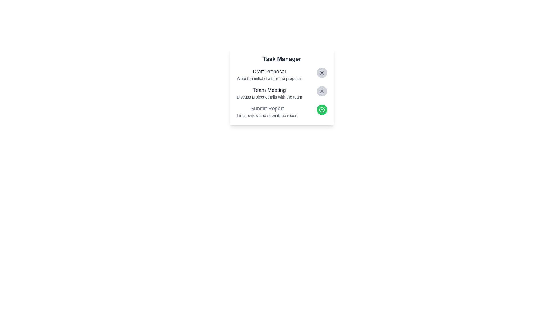 The width and height of the screenshot is (555, 312). What do you see at coordinates (321, 91) in the screenshot?
I see `the circular gray button with an 'X' icon, located to the right of the 'Team Meeting' text in the 'Task Manager' interface` at bounding box center [321, 91].